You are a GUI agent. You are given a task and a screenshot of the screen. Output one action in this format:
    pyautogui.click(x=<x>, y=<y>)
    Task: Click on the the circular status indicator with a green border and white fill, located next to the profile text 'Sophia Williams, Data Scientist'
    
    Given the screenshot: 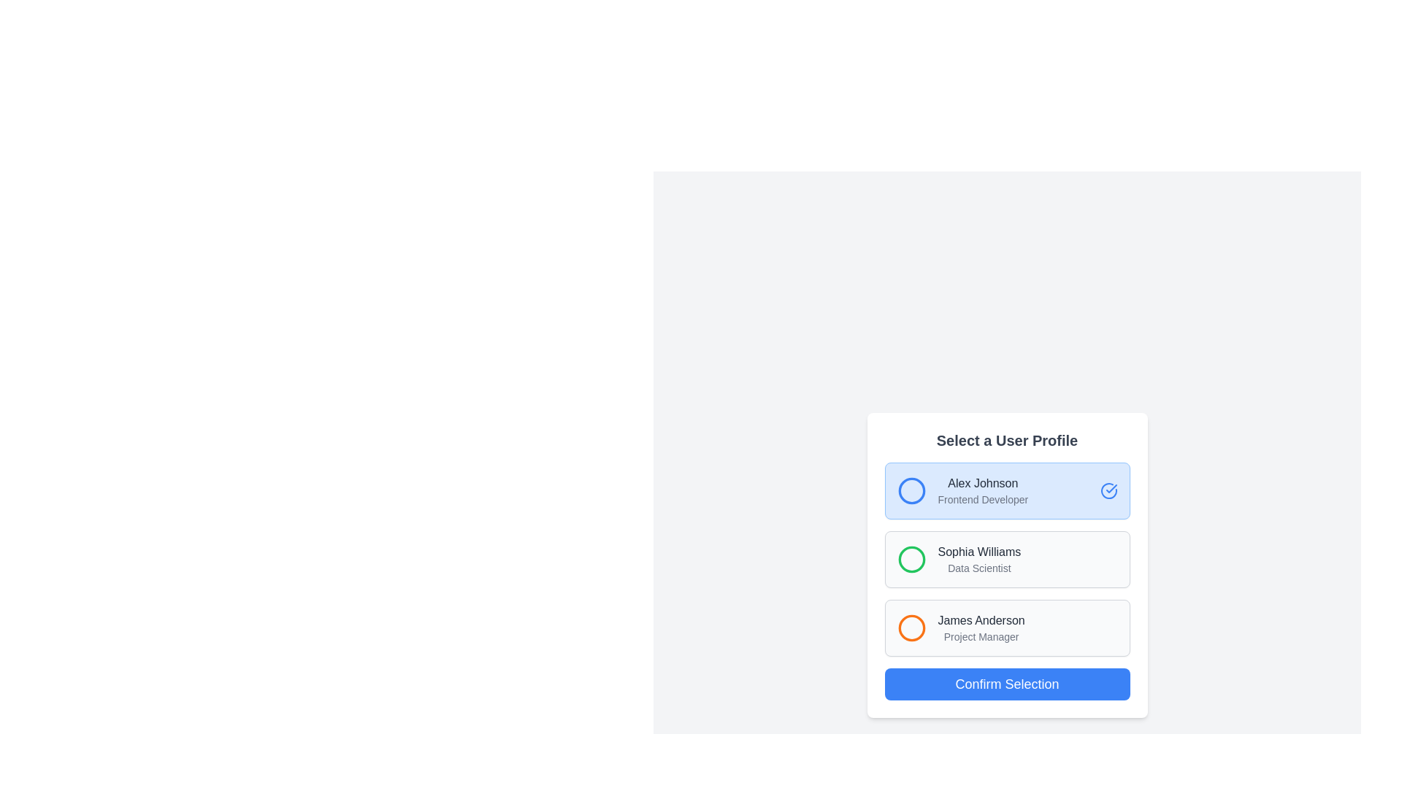 What is the action you would take?
    pyautogui.click(x=911, y=559)
    